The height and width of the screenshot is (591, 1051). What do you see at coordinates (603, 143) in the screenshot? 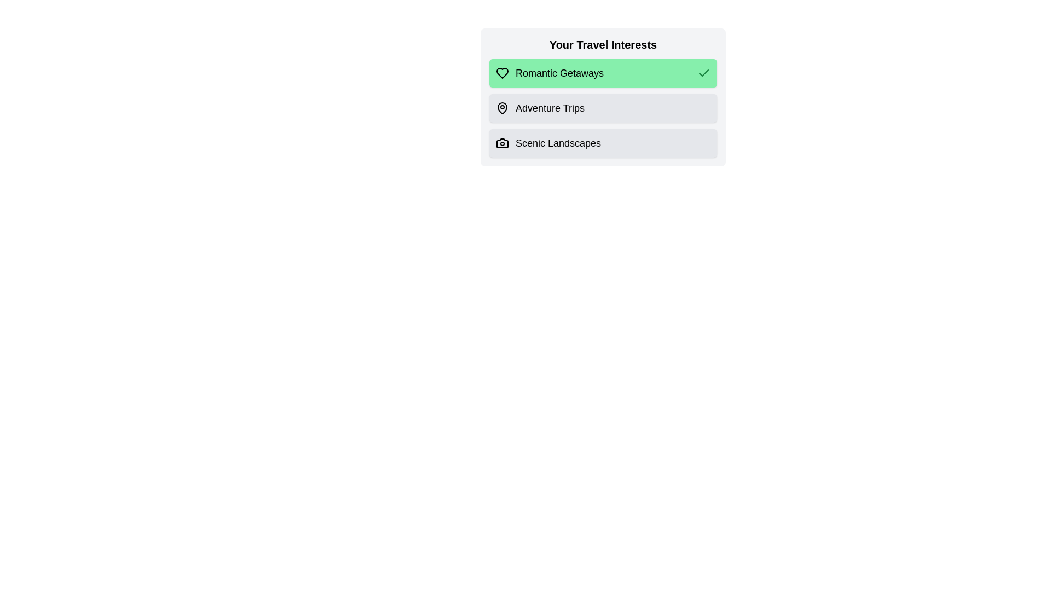
I see `the travel preference Scenic Landscapes by clicking on its corresponding option` at bounding box center [603, 143].